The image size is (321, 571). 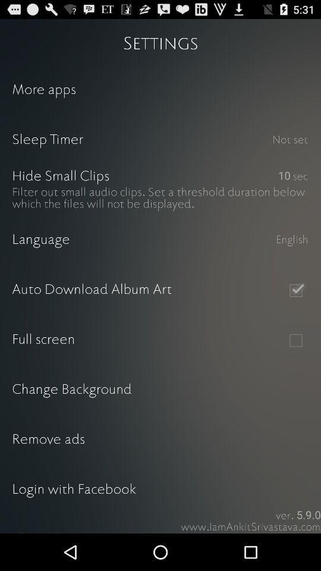 I want to click on item below auto download album item, so click(x=295, y=340).